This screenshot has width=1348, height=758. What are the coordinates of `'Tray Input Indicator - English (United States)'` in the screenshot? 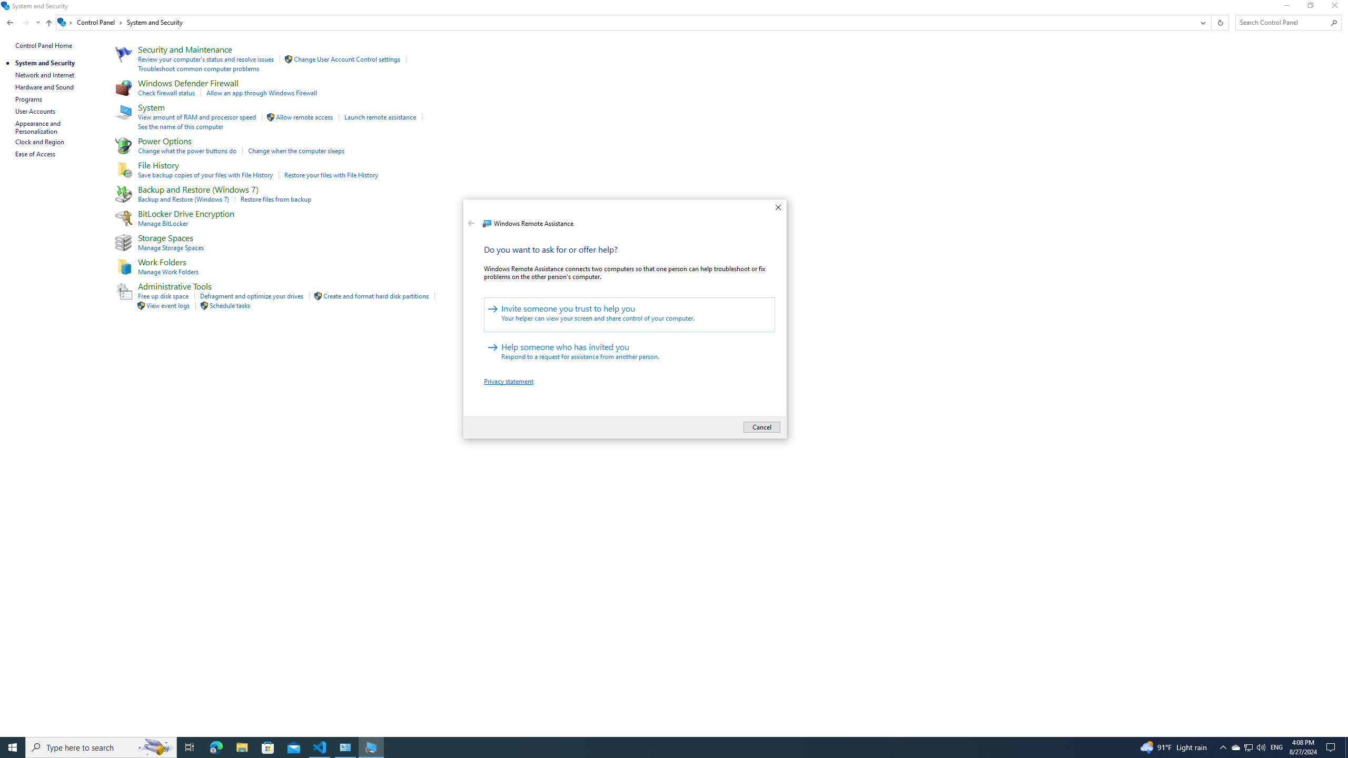 It's located at (1276, 746).